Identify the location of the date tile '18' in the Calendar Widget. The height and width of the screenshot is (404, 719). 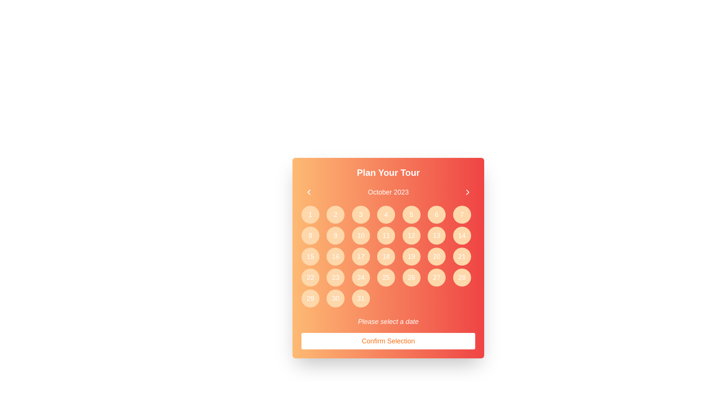
(388, 258).